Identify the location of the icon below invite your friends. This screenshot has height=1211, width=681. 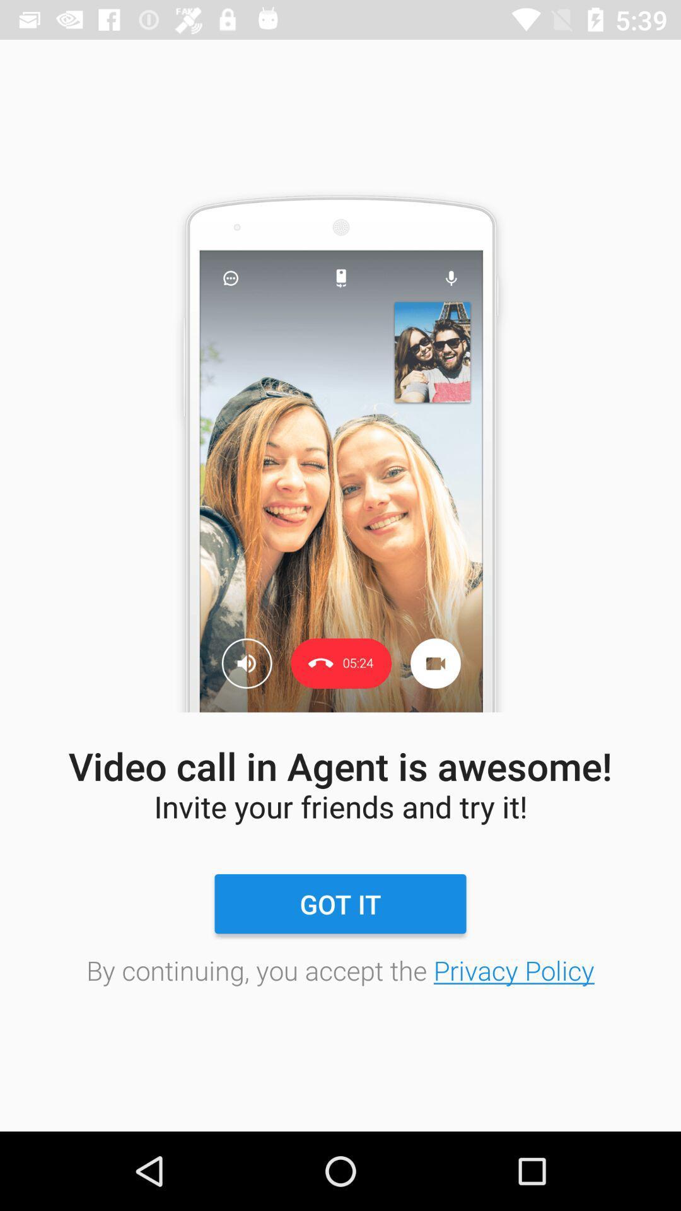
(340, 903).